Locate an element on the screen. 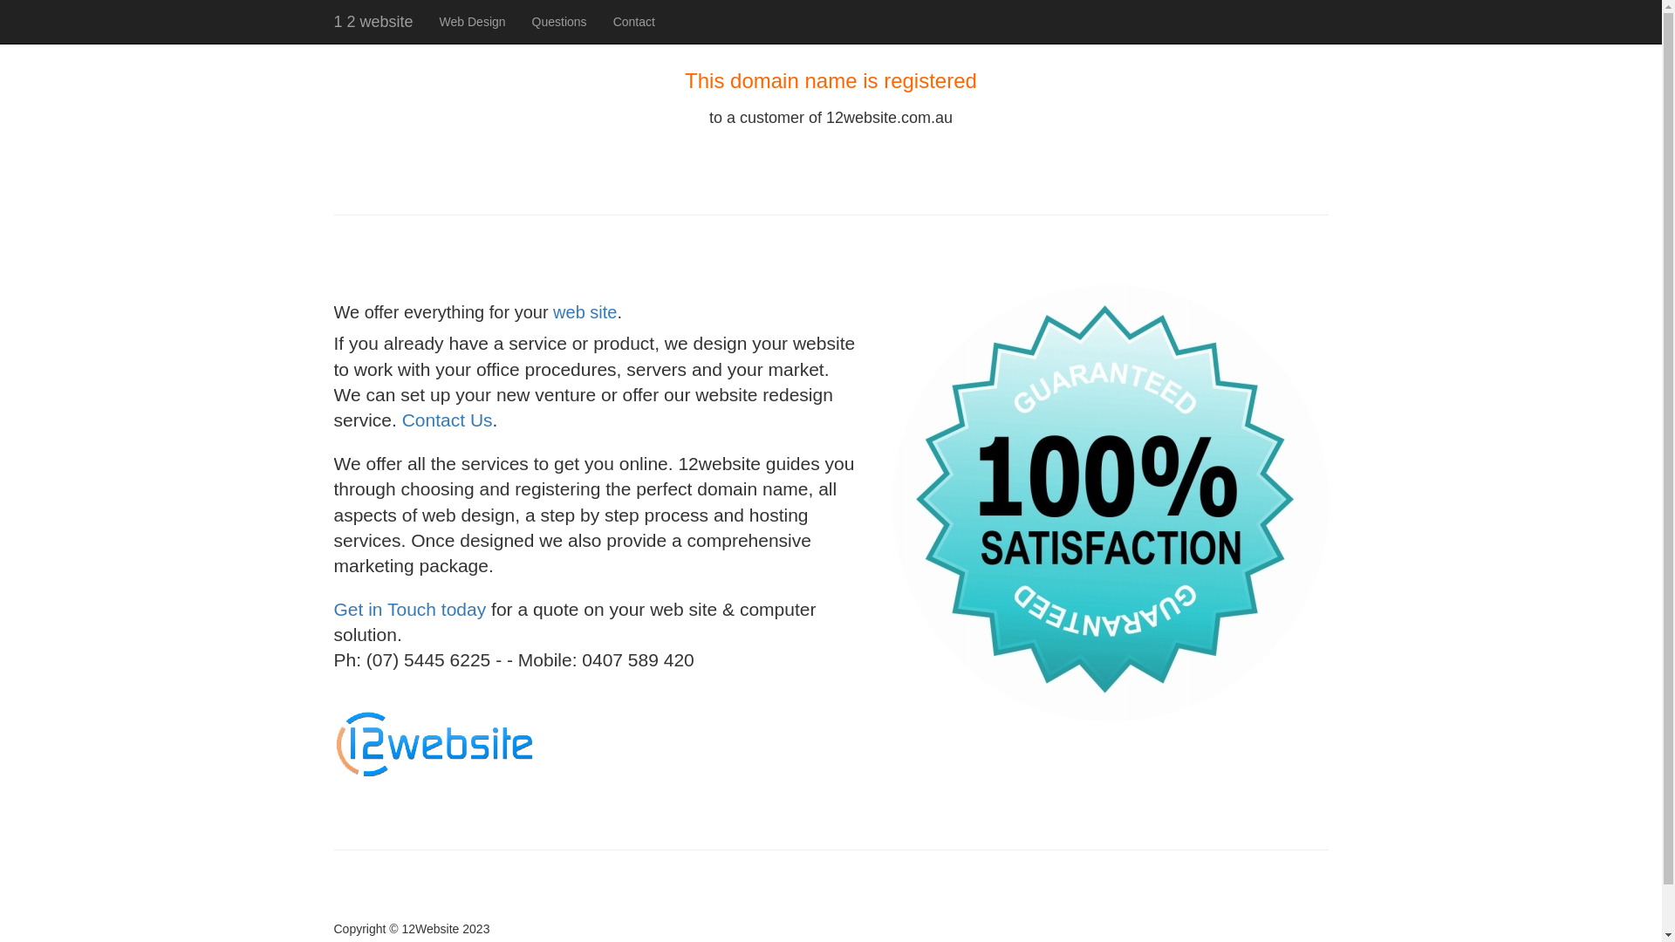 The width and height of the screenshot is (1675, 942). '1 2 website' is located at coordinates (321, 21).